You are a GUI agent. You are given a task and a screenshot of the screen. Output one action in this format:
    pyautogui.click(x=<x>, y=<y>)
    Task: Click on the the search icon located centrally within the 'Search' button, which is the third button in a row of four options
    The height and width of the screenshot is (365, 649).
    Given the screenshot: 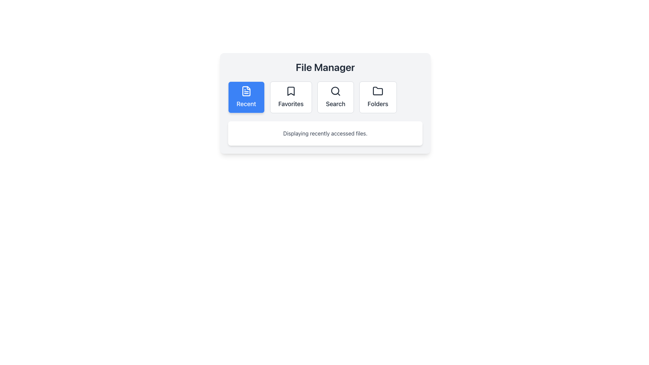 What is the action you would take?
    pyautogui.click(x=335, y=91)
    